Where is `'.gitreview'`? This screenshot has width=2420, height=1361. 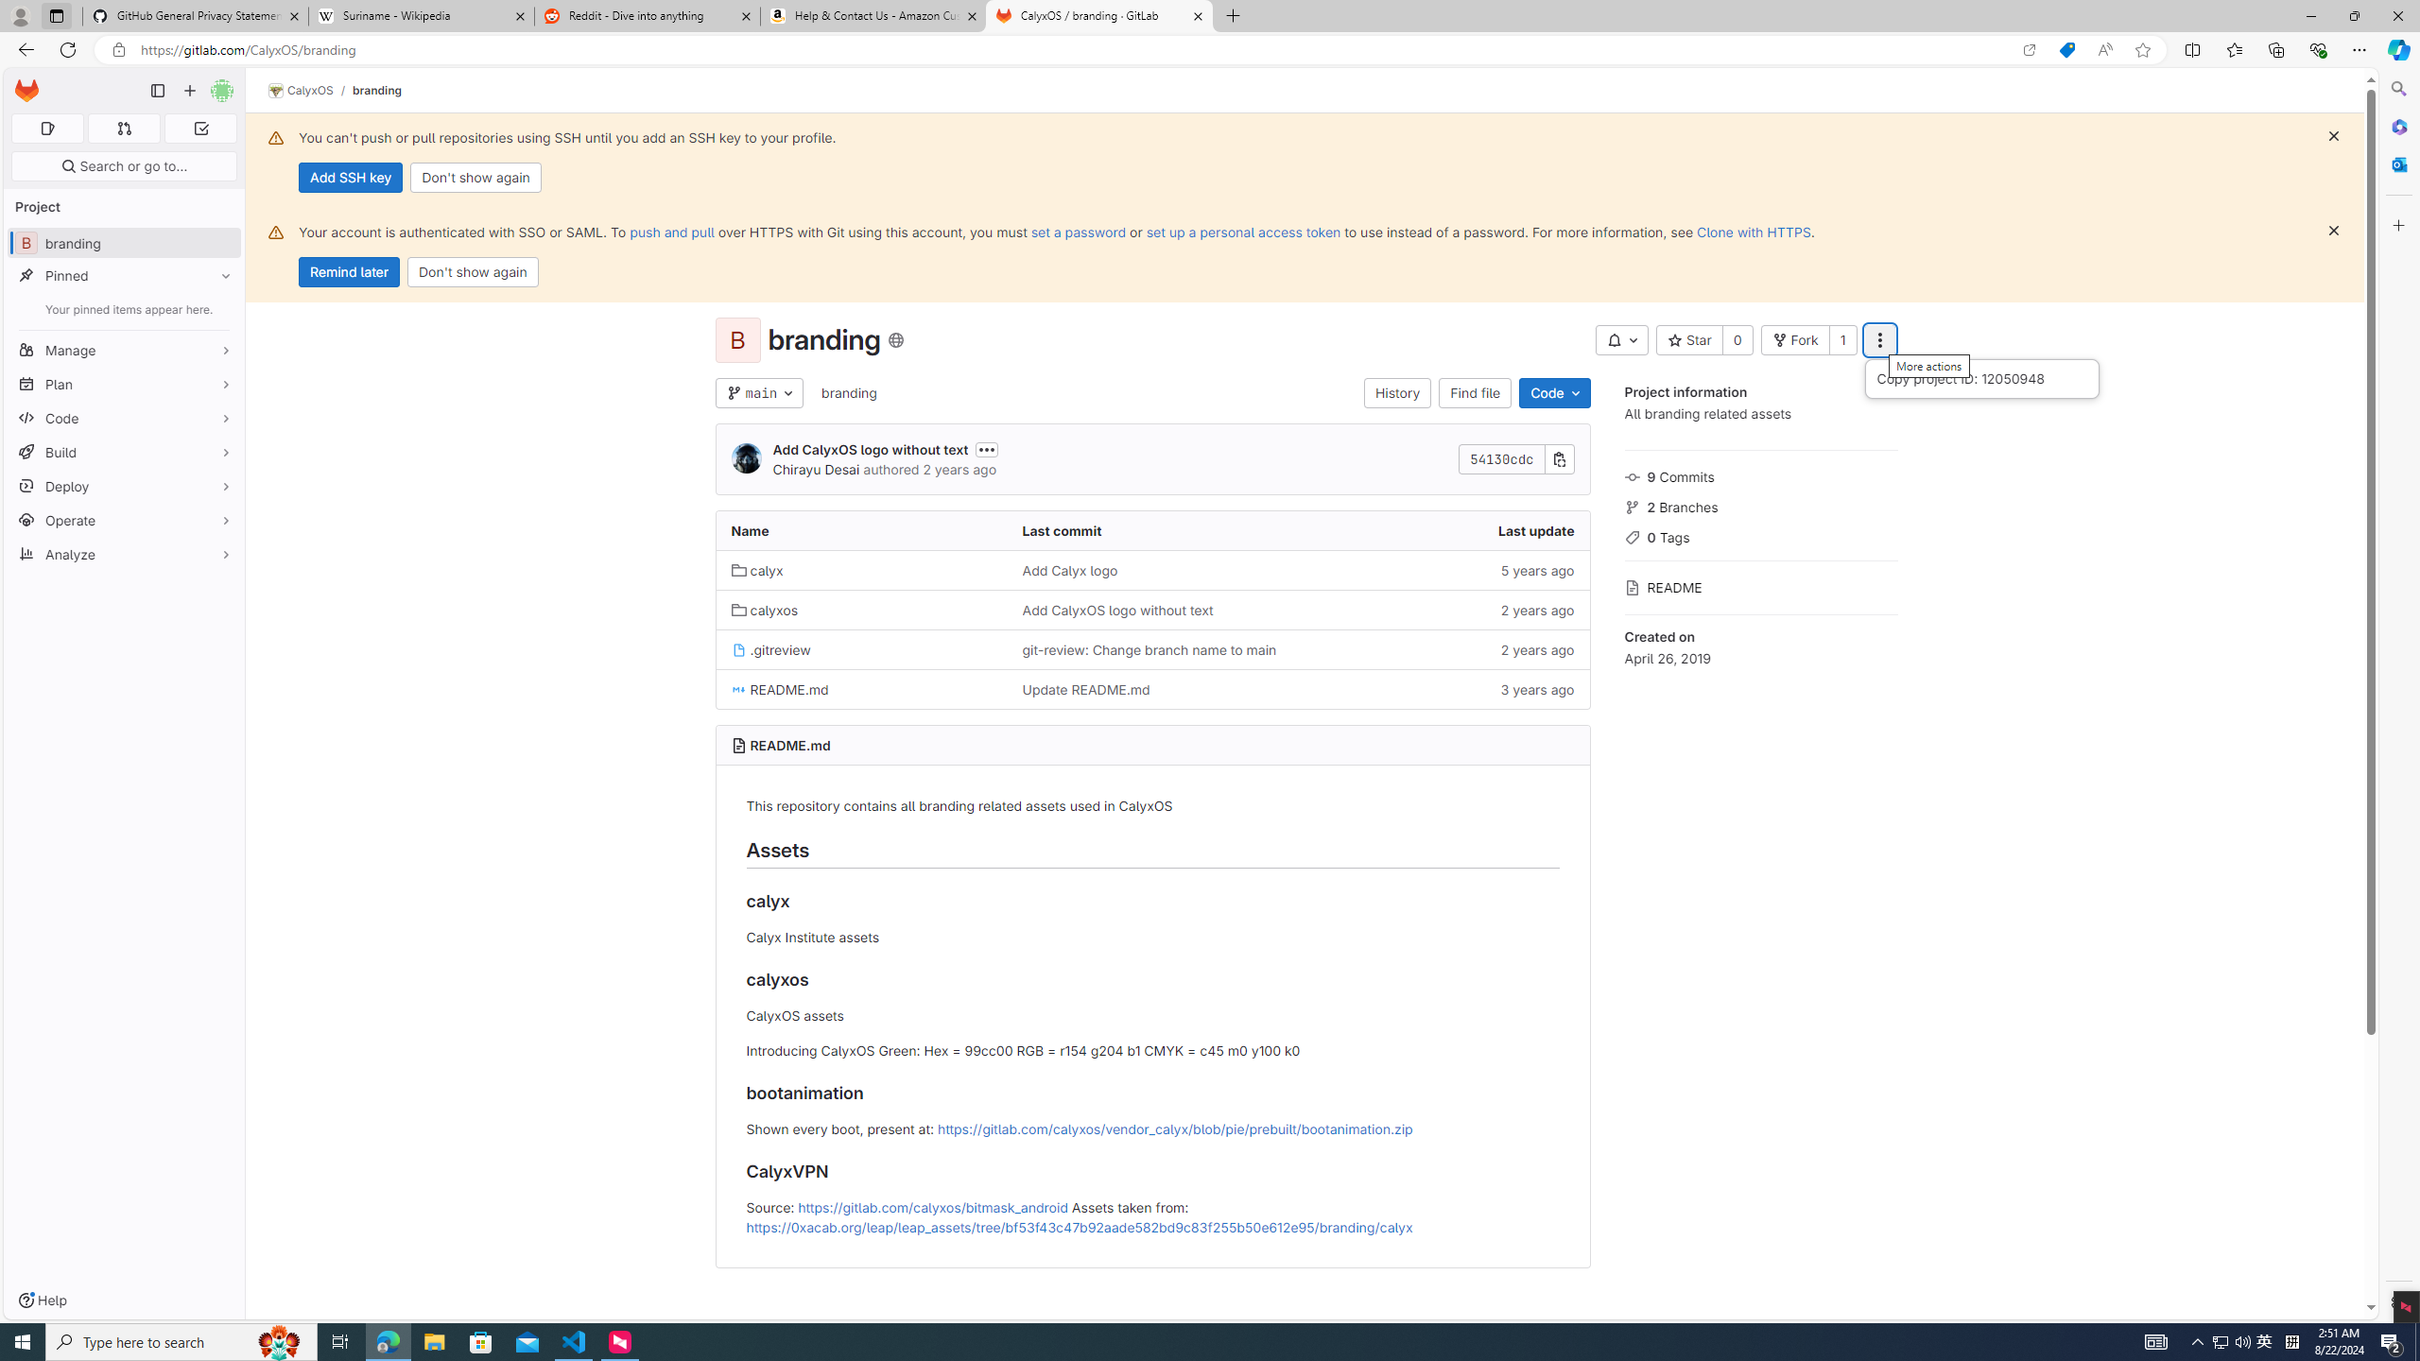
'.gitreview' is located at coordinates (770, 648).